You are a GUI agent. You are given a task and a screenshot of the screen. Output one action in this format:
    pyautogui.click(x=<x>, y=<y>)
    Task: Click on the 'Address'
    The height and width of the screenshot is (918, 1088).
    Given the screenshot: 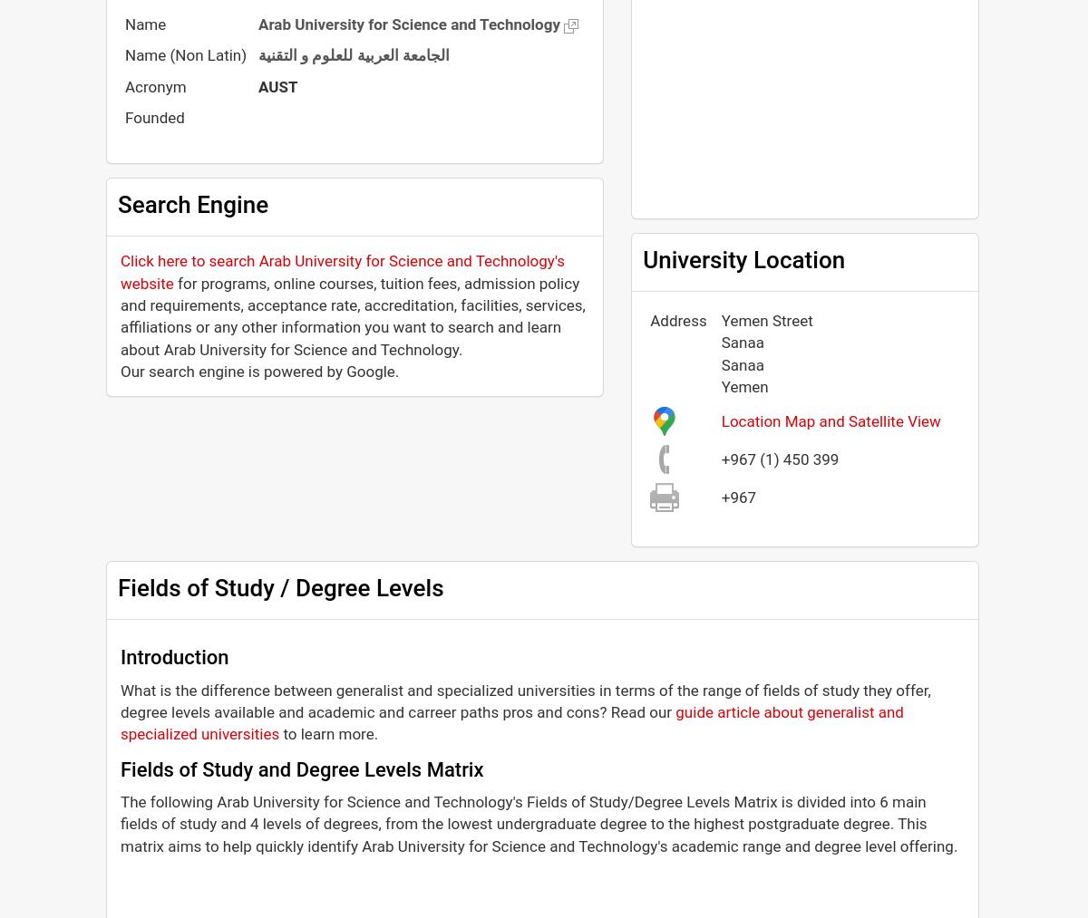 What is the action you would take?
    pyautogui.click(x=677, y=321)
    